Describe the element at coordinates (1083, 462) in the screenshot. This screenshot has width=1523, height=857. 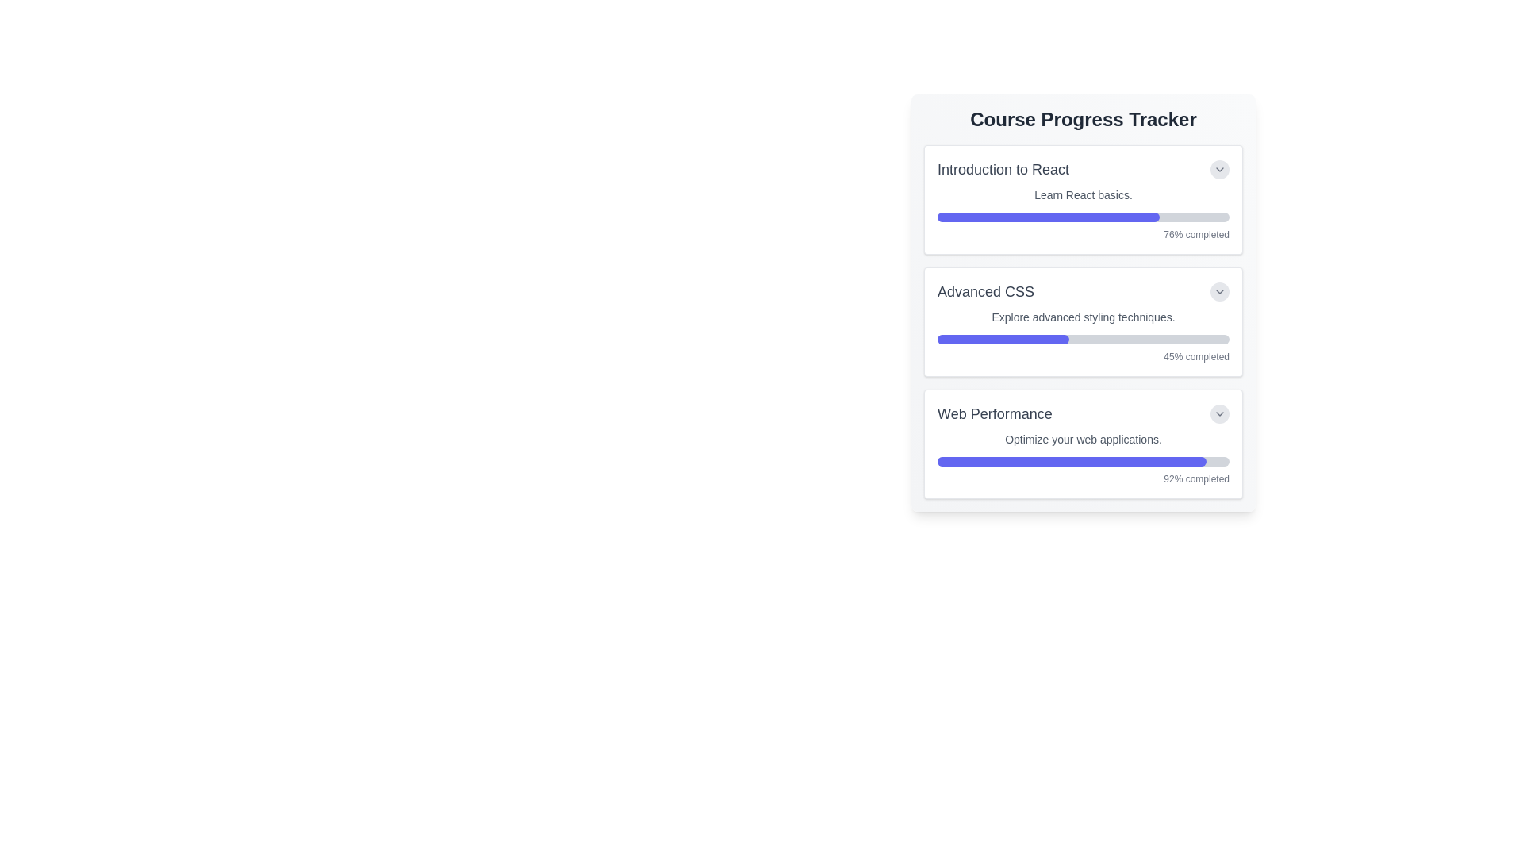
I see `the horizontal progress bar in the 'Web Performance' card, which indicates 92% progress with a blue filled segment` at that location.